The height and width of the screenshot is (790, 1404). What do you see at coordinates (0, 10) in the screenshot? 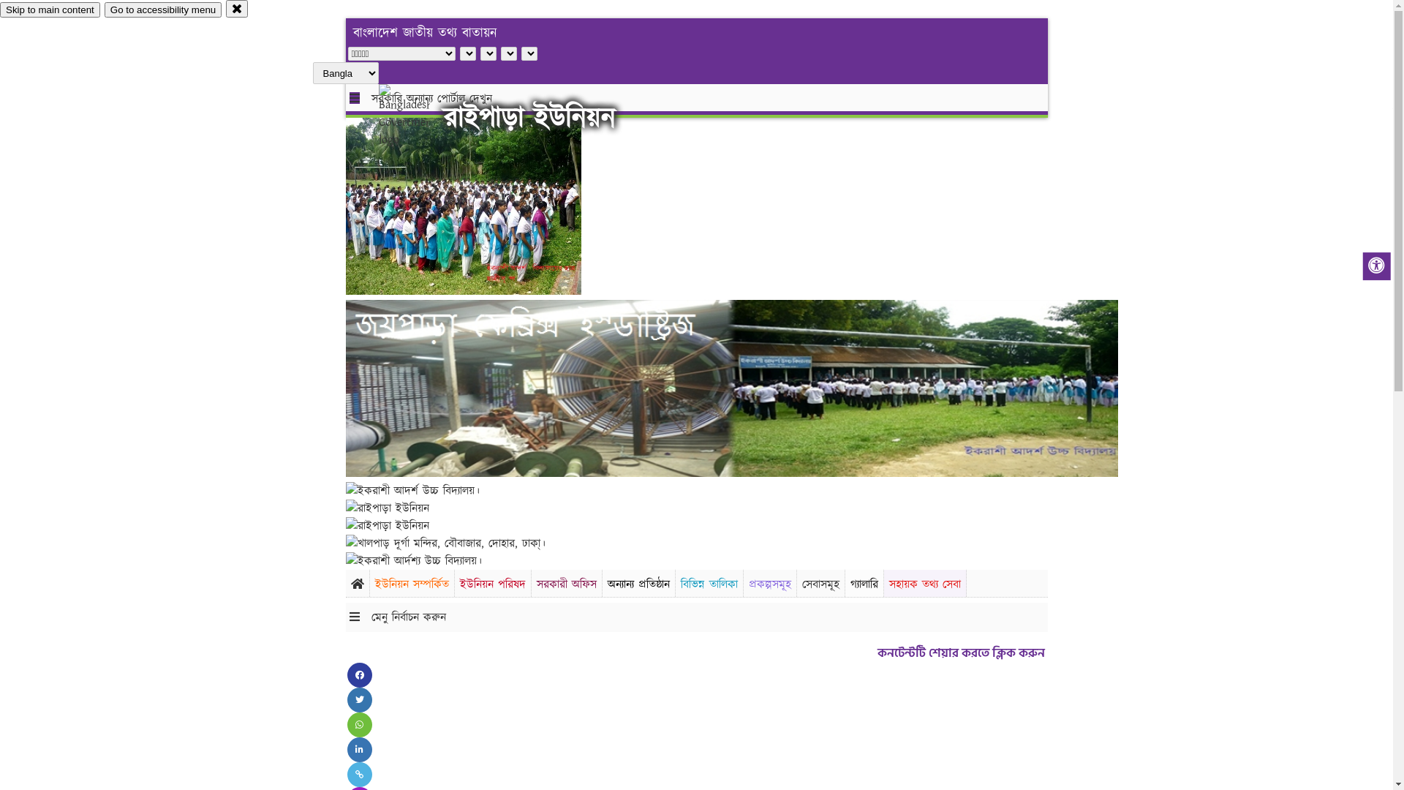
I see `'Skip to main content'` at bounding box center [0, 10].